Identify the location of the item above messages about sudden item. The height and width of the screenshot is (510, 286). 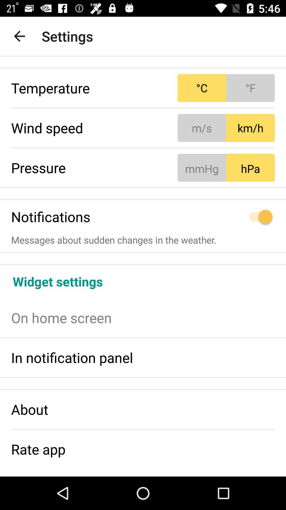
(226, 217).